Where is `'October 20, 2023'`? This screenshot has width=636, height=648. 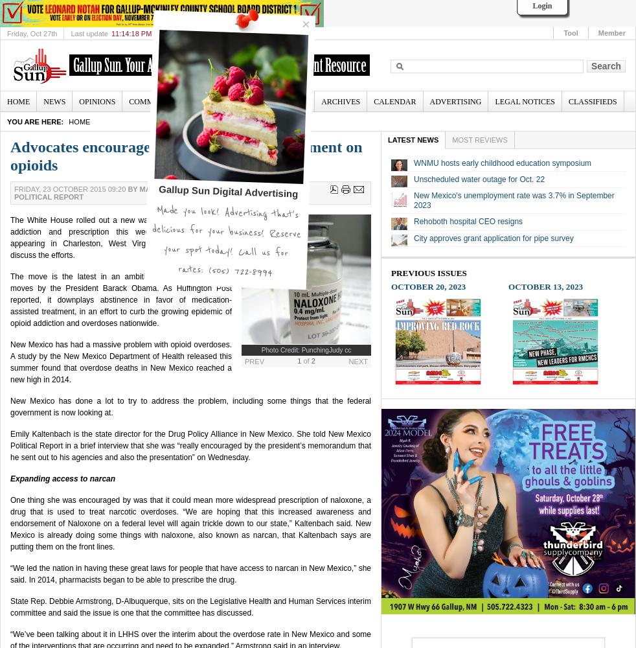
'October 20, 2023' is located at coordinates (391, 285).